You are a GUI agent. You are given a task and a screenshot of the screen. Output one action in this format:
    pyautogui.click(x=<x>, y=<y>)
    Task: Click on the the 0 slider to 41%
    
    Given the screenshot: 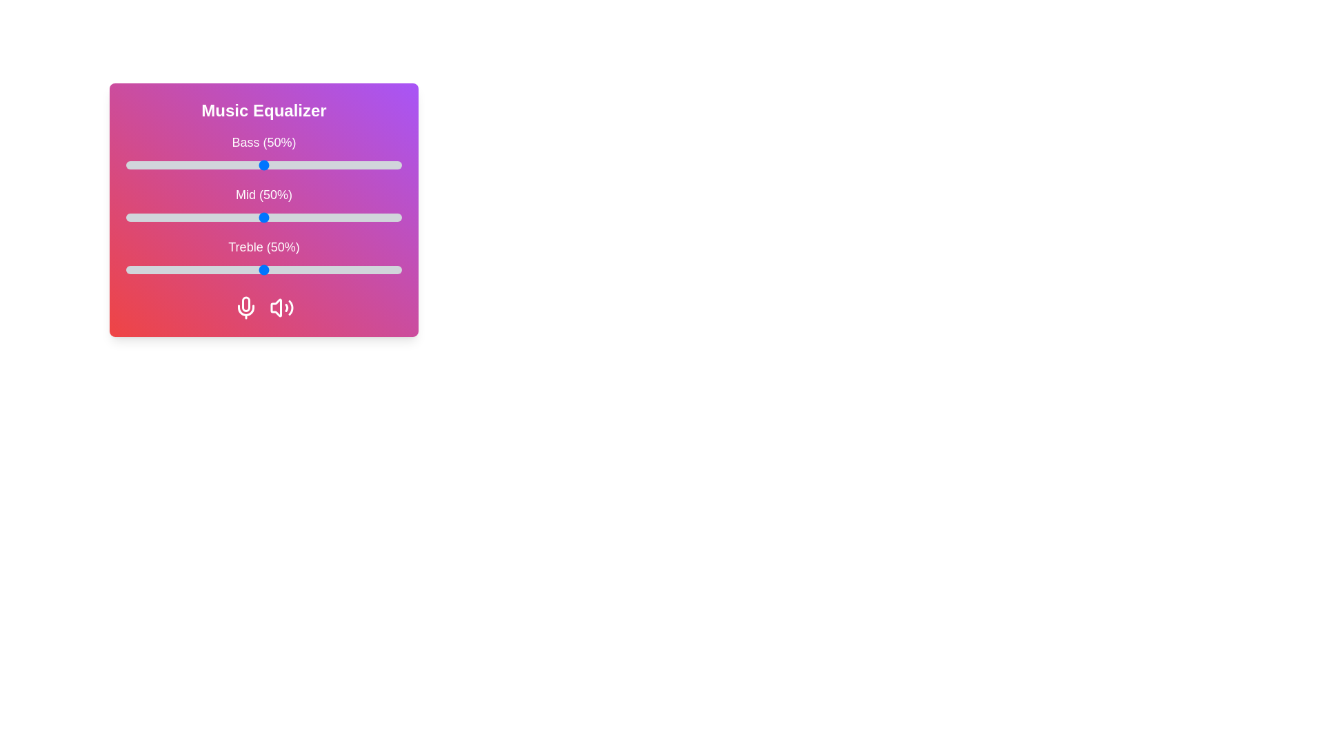 What is the action you would take?
    pyautogui.click(x=239, y=164)
    